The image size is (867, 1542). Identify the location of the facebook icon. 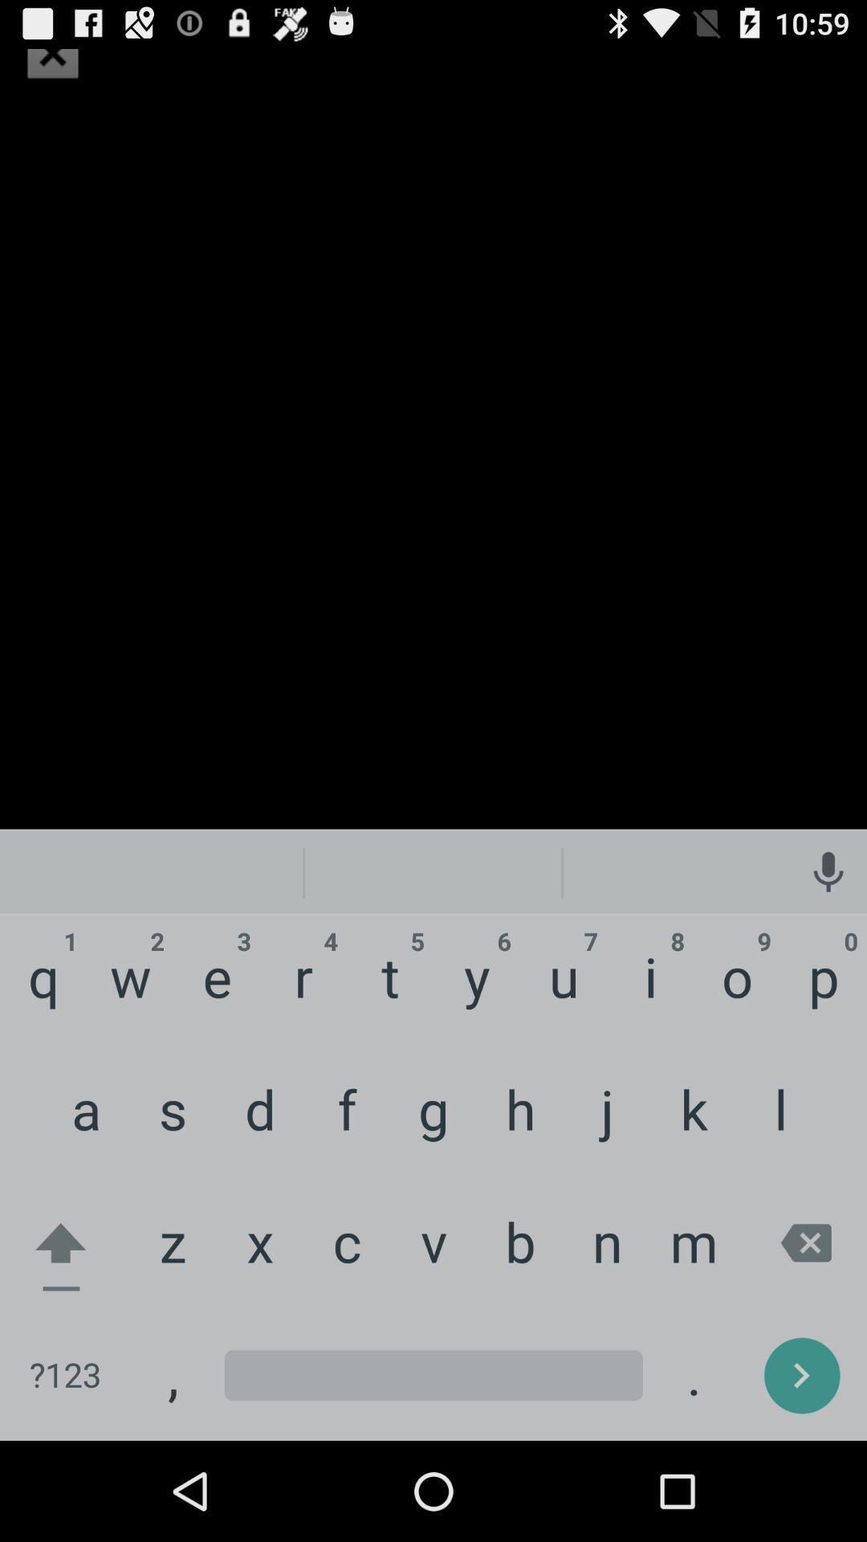
(51, 56).